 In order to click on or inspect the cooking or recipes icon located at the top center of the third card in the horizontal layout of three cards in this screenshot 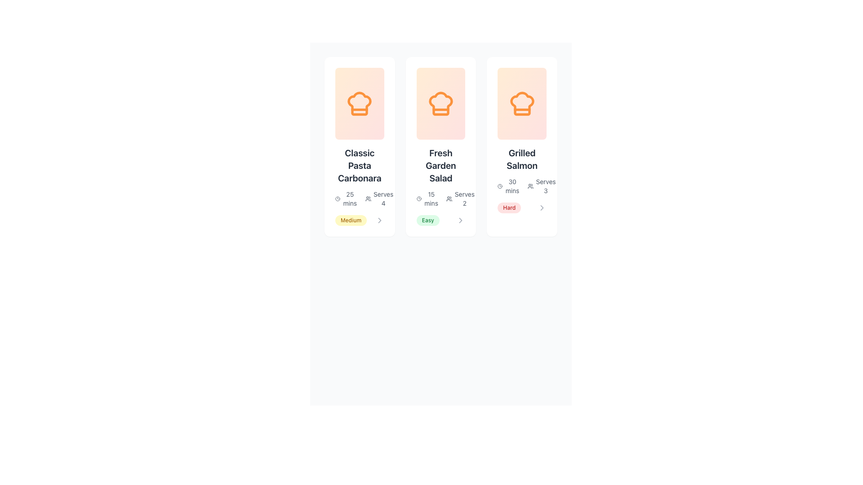, I will do `click(522, 103)`.